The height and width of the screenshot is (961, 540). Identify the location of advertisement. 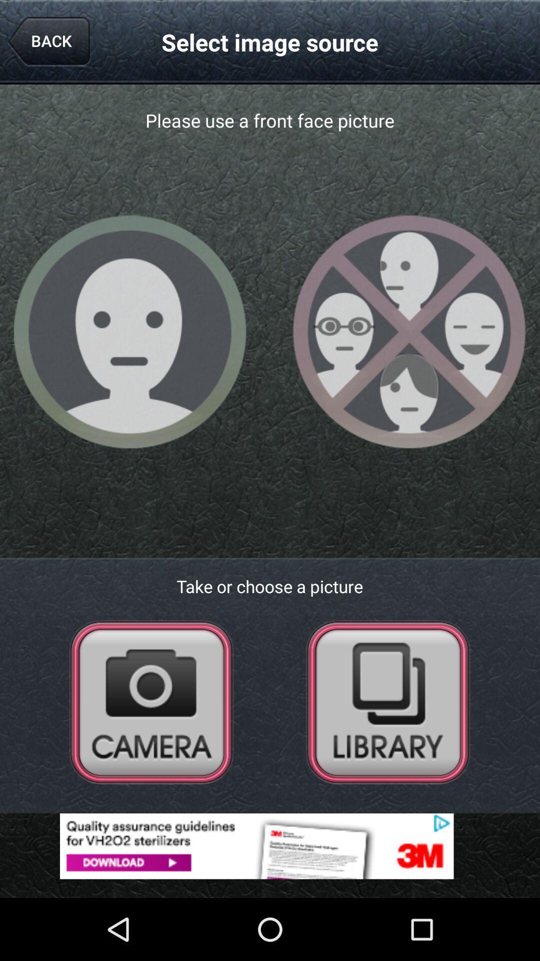
(270, 845).